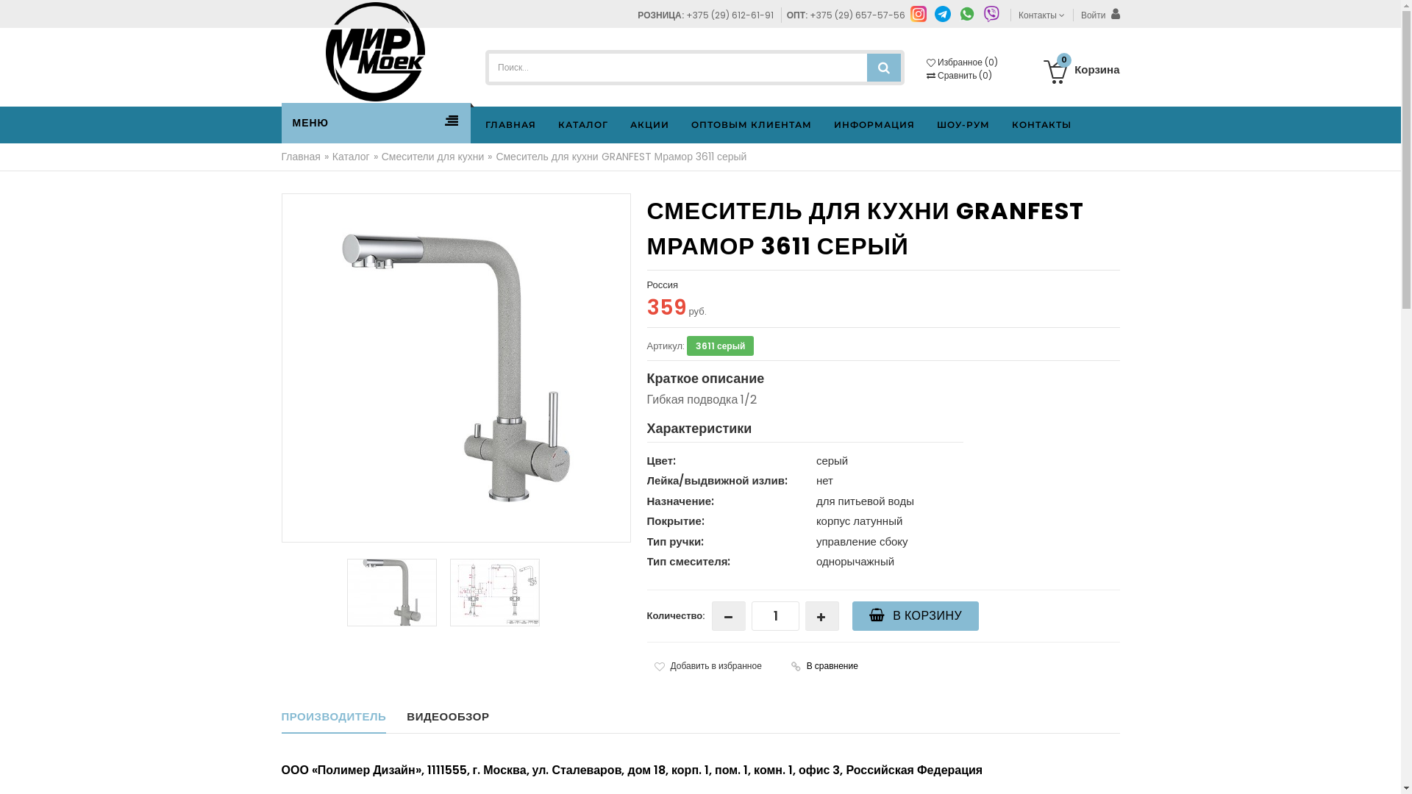  I want to click on ' ', so click(728, 615).